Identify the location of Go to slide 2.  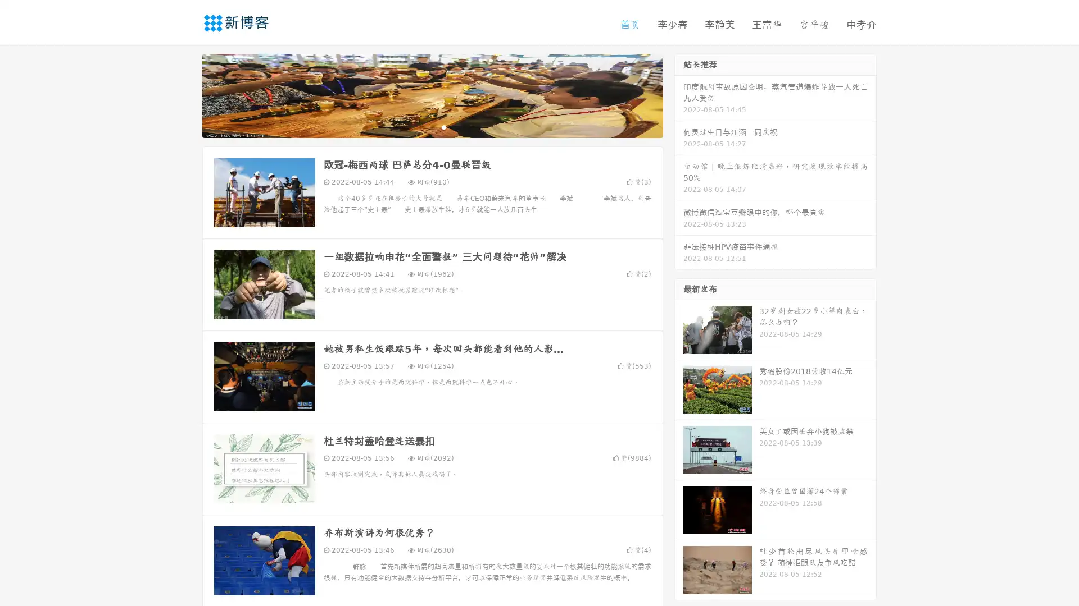
(432, 126).